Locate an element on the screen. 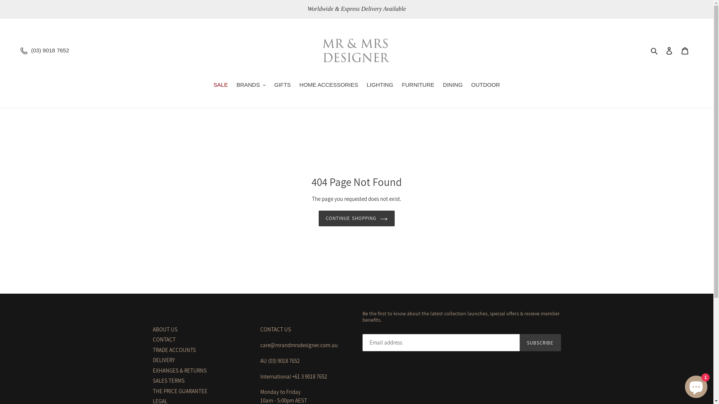 Image resolution: width=719 pixels, height=404 pixels. 'DELIVERY' is located at coordinates (163, 359).